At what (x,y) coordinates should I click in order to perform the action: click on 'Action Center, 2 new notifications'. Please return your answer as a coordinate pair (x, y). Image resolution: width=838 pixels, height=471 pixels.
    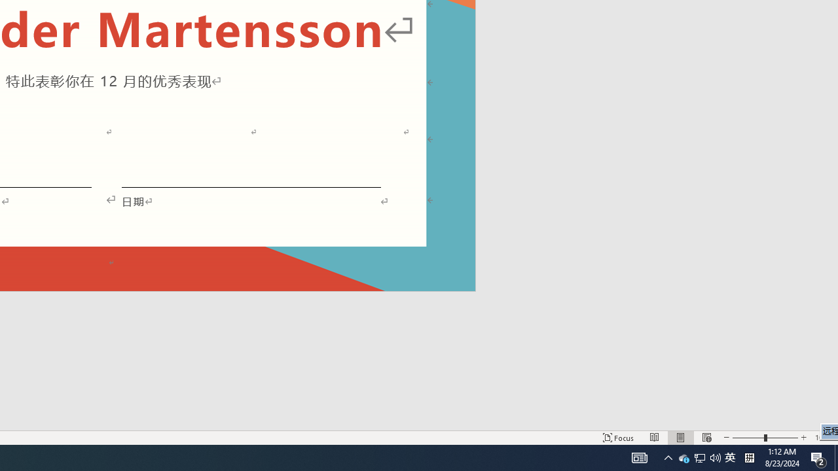
    Looking at the image, I should click on (818, 457).